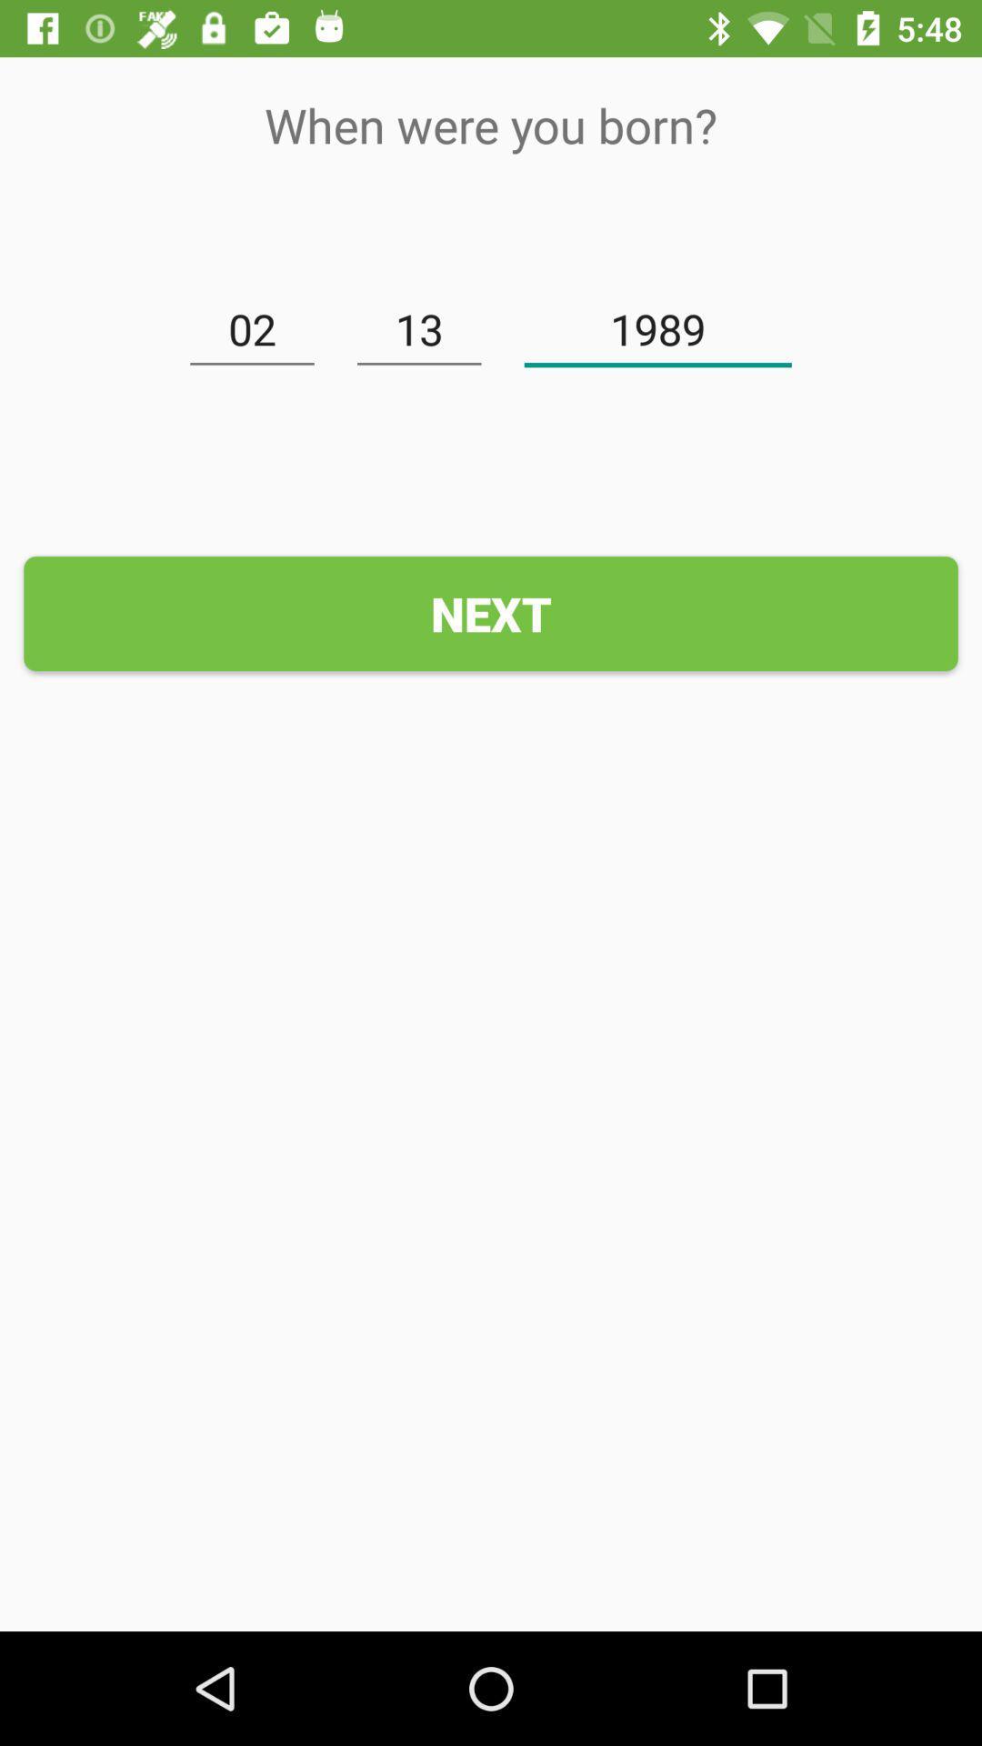 Image resolution: width=982 pixels, height=1746 pixels. What do you see at coordinates (419, 330) in the screenshot?
I see `icon to the left of 1989 item` at bounding box center [419, 330].